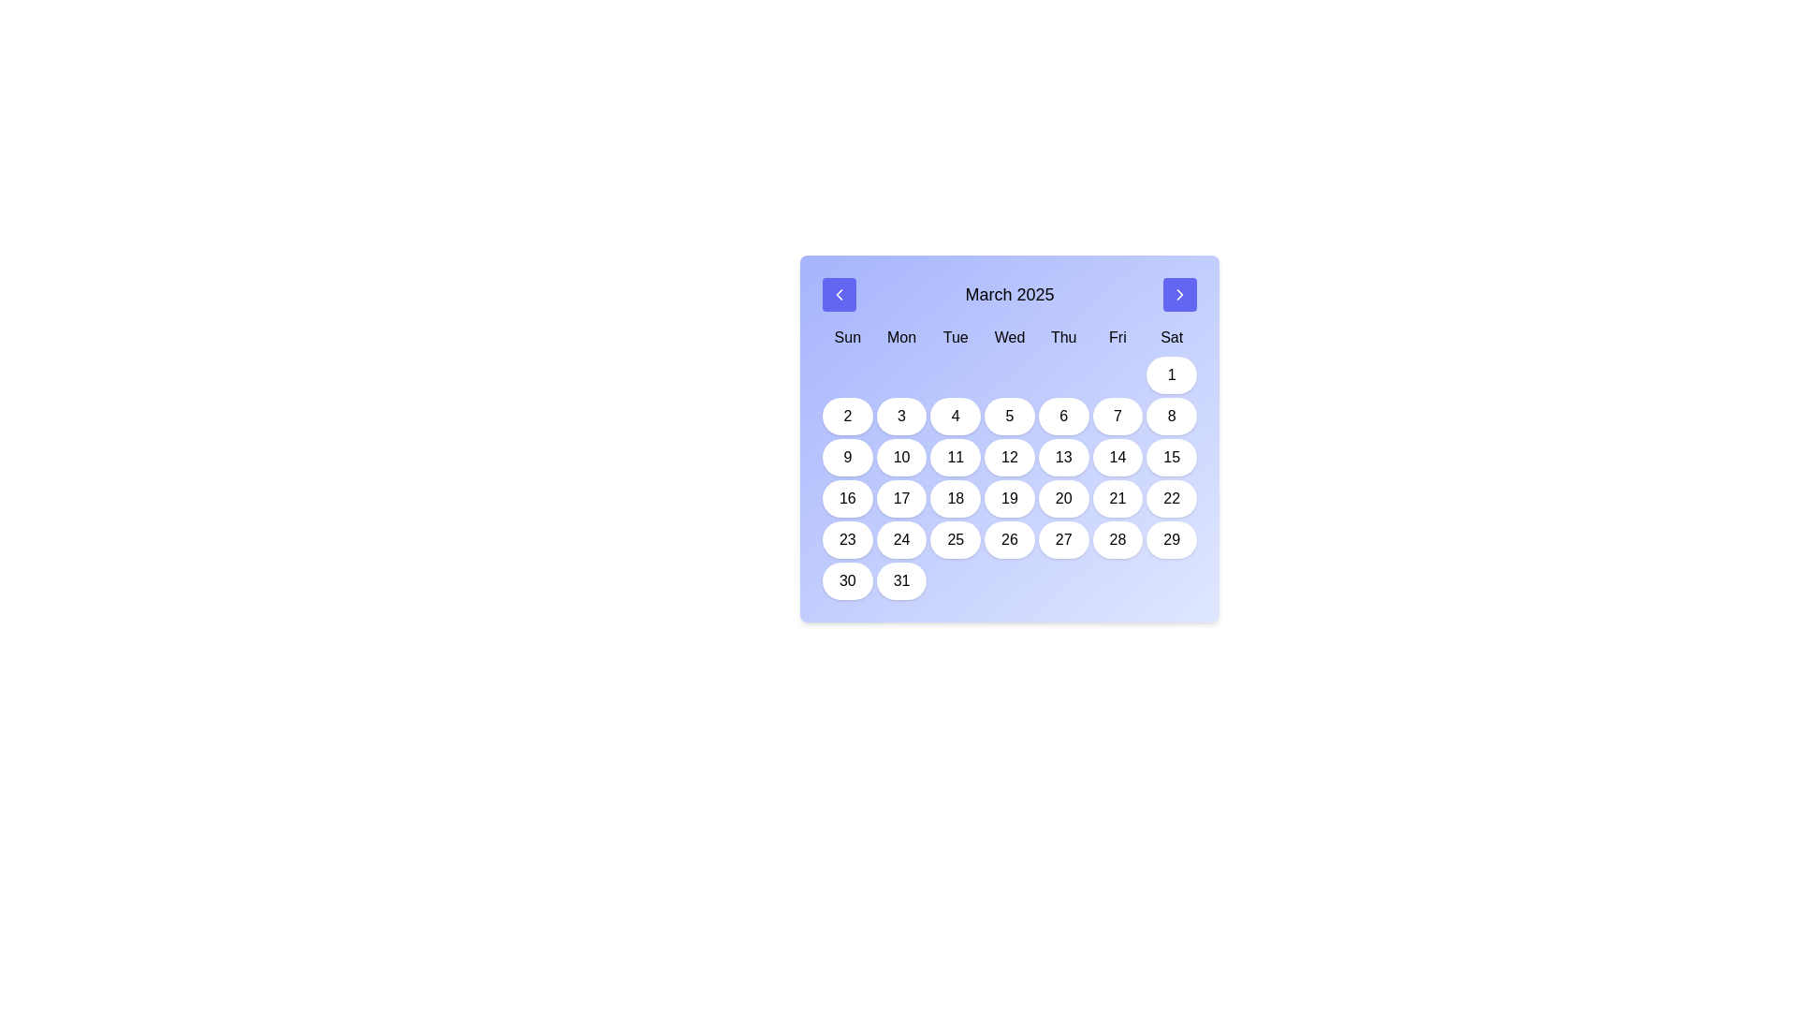  What do you see at coordinates (1063, 540) in the screenshot?
I see `the interactive button labeled '27' in the calendar grid` at bounding box center [1063, 540].